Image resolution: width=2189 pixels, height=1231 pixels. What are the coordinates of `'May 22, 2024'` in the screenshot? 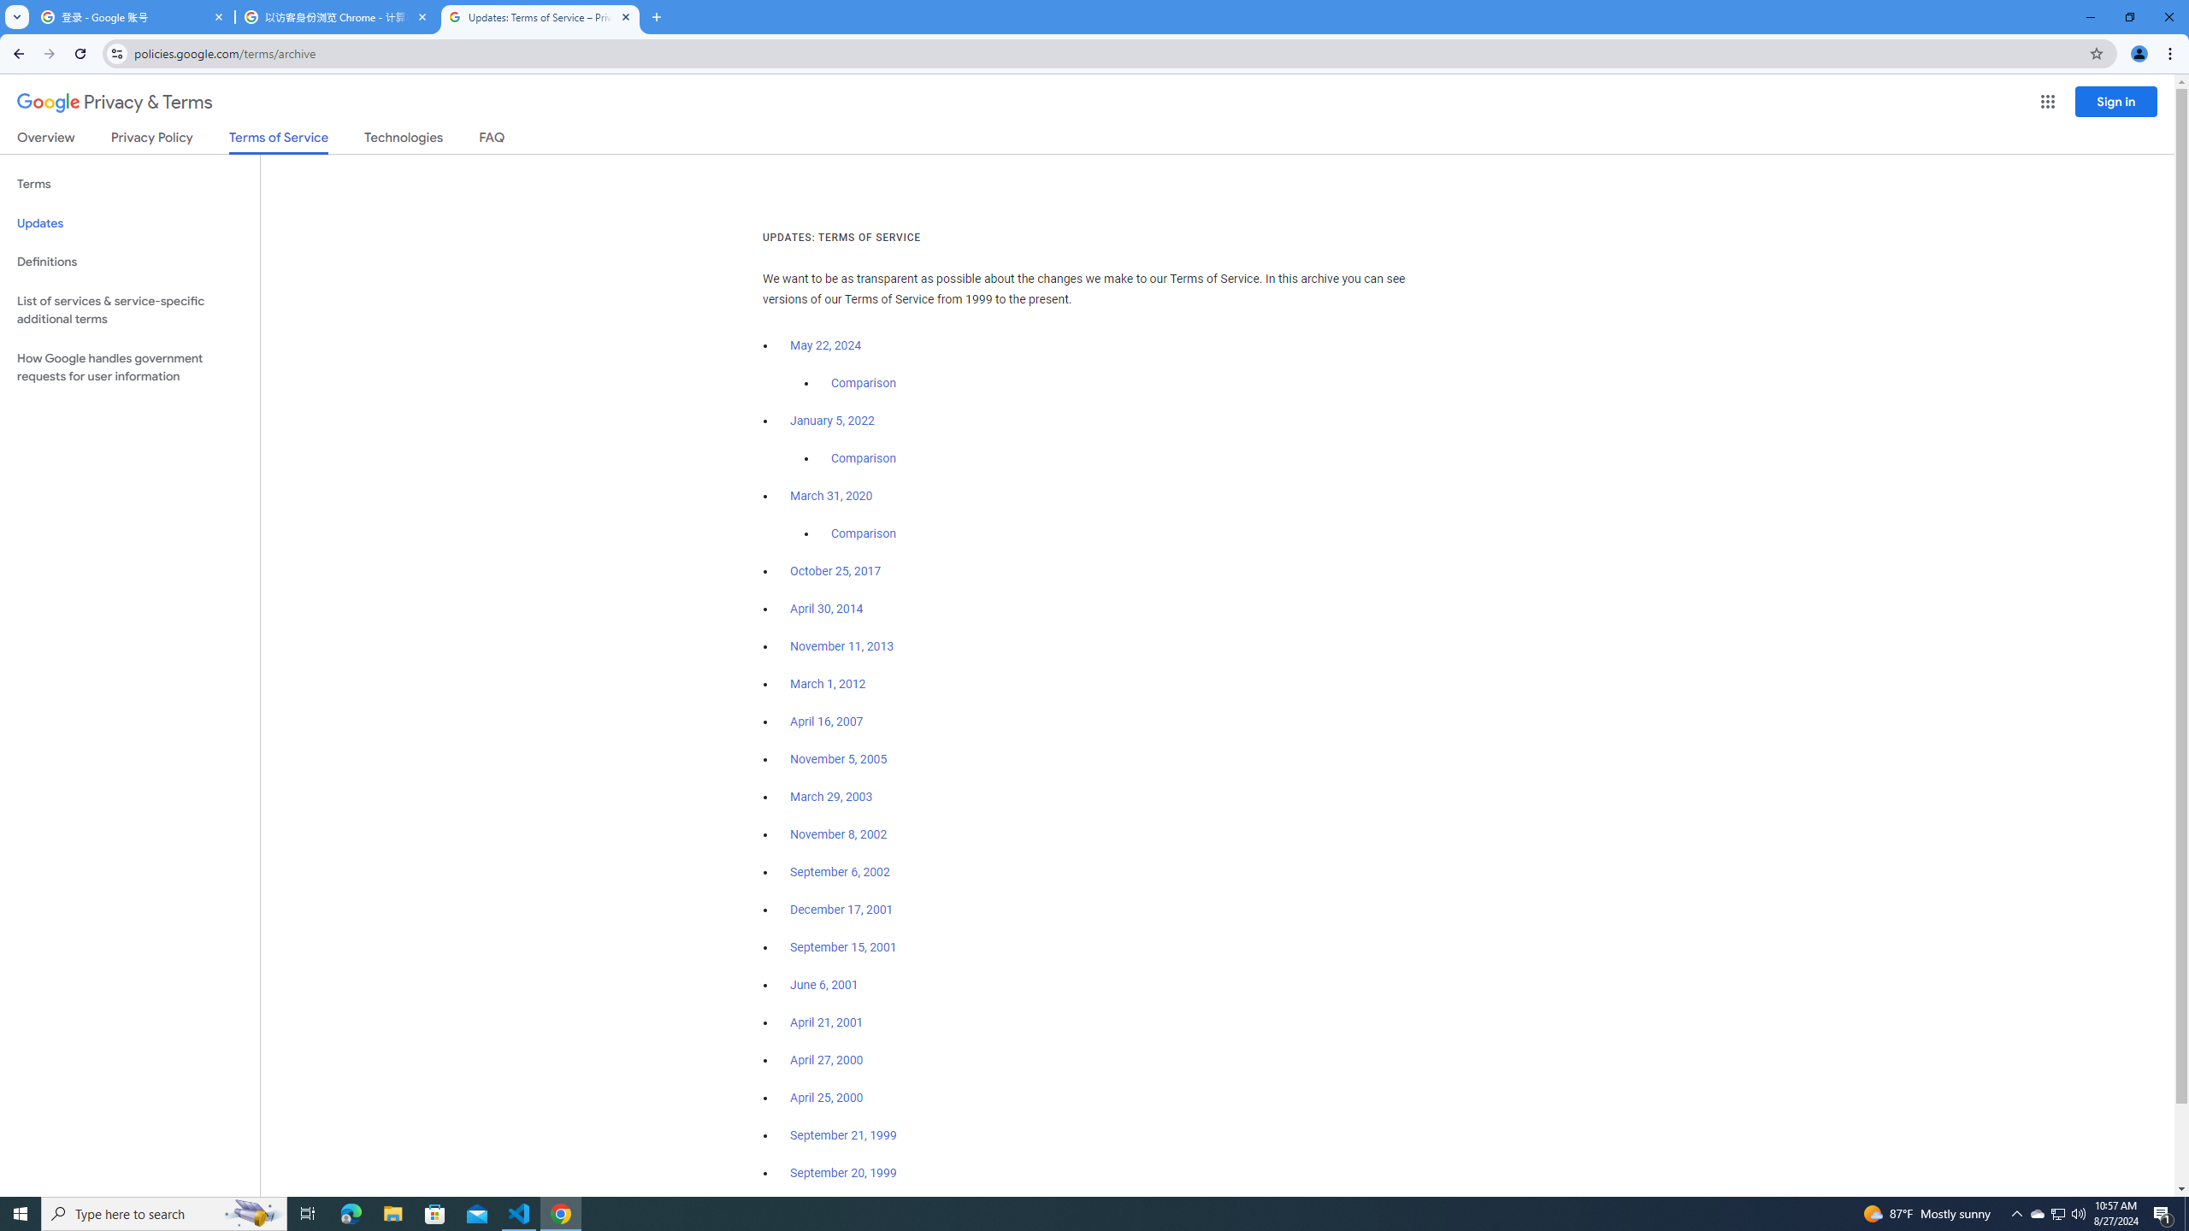 It's located at (826, 346).